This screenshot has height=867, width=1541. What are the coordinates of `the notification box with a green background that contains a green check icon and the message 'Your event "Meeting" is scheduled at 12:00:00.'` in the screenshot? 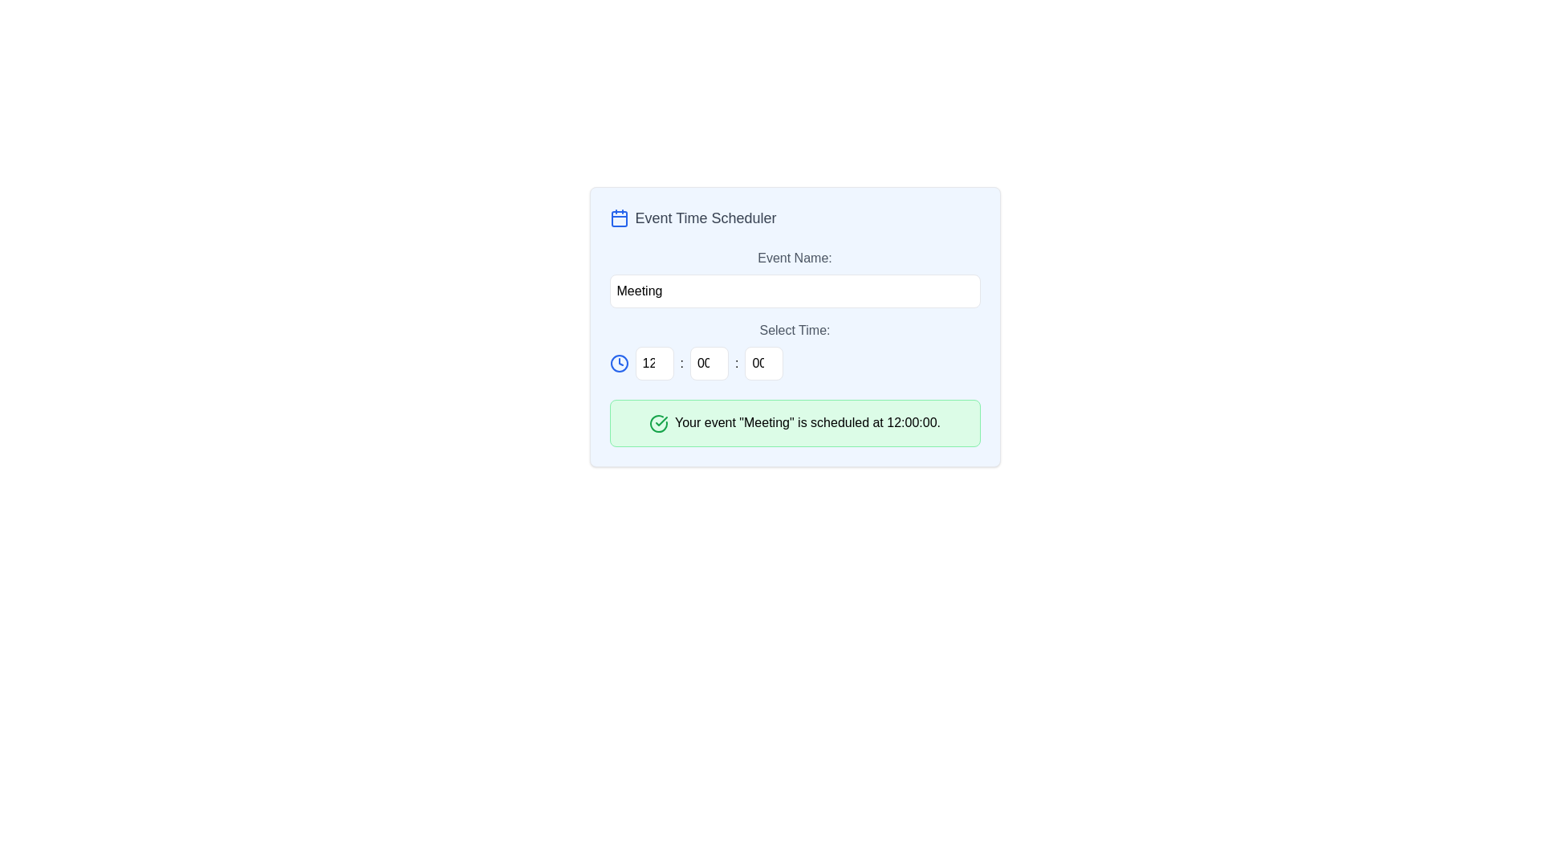 It's located at (795, 422).